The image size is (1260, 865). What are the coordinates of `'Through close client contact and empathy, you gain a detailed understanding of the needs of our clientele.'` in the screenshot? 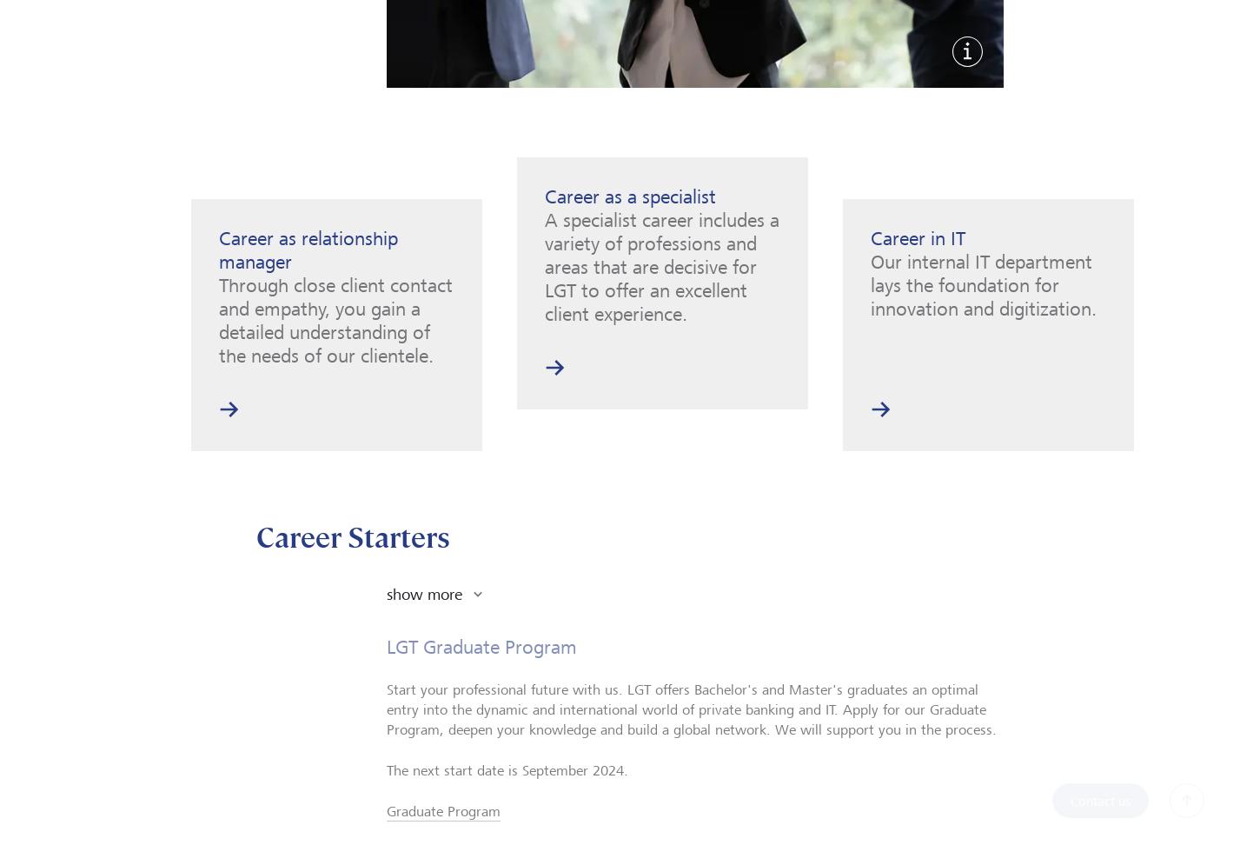 It's located at (335, 318).